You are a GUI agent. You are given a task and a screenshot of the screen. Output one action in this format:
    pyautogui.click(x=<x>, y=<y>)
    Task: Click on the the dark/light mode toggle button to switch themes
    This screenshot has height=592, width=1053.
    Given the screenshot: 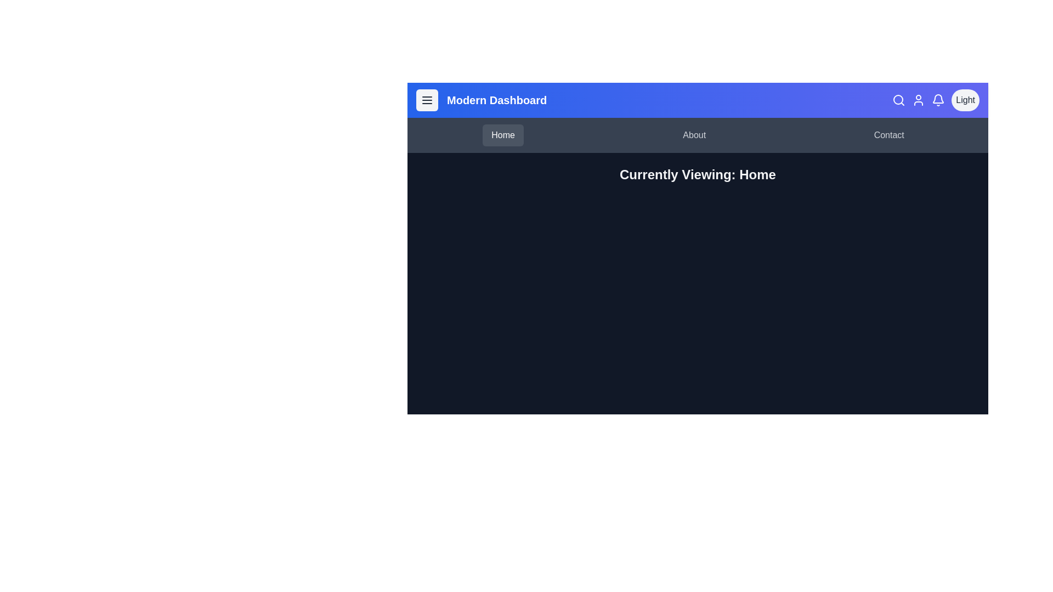 What is the action you would take?
    pyautogui.click(x=965, y=100)
    